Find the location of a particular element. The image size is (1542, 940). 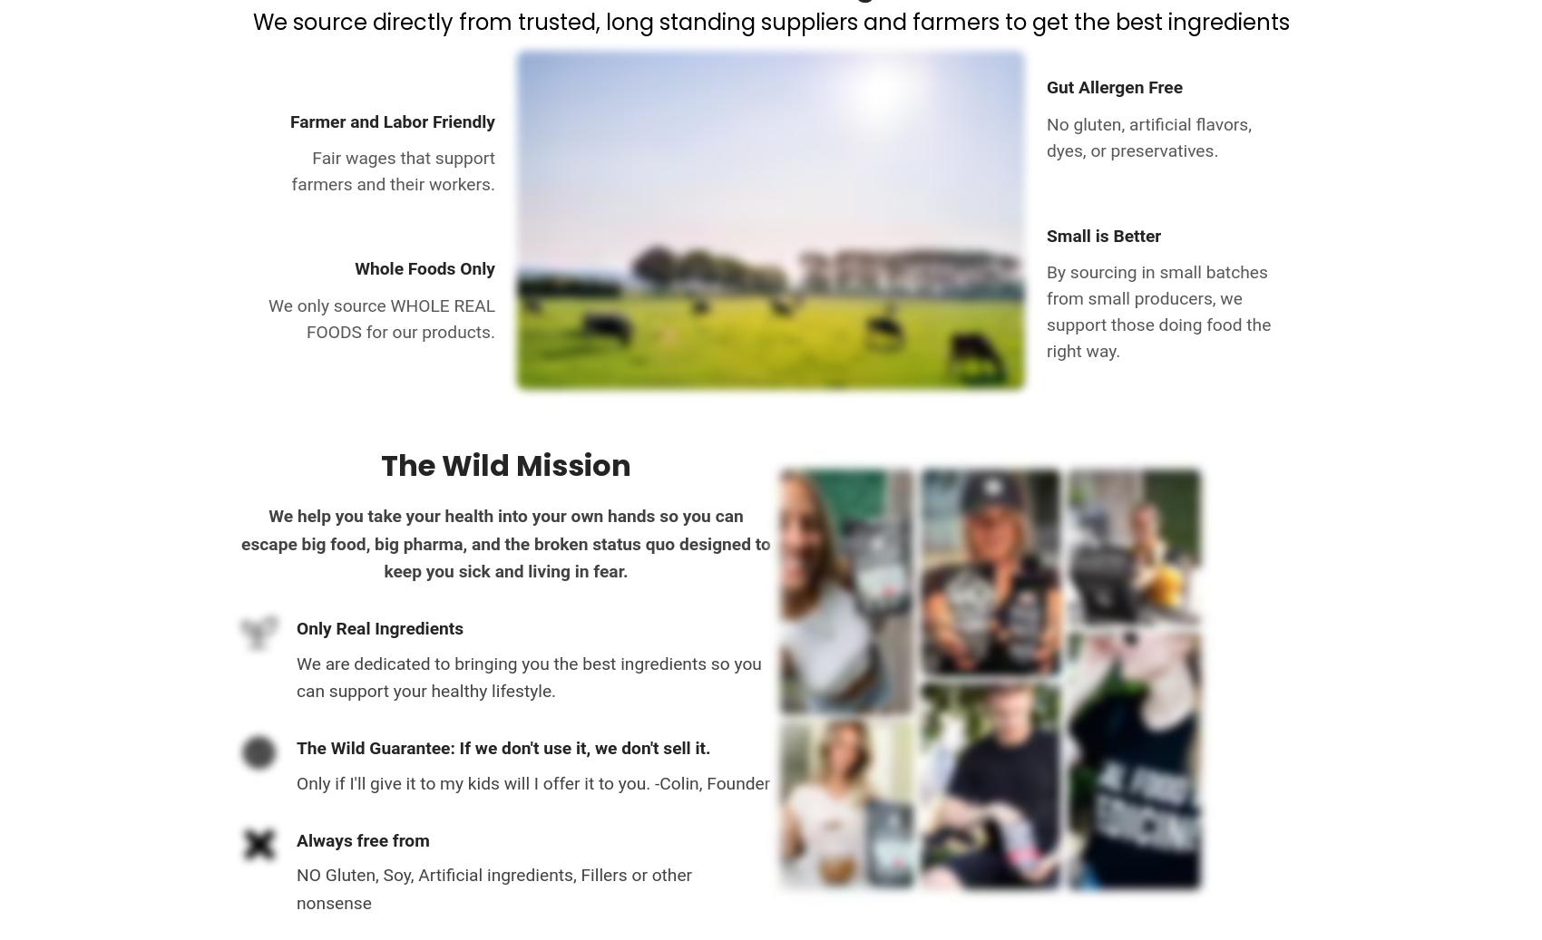

'Whole Foods Only' is located at coordinates (425, 266).